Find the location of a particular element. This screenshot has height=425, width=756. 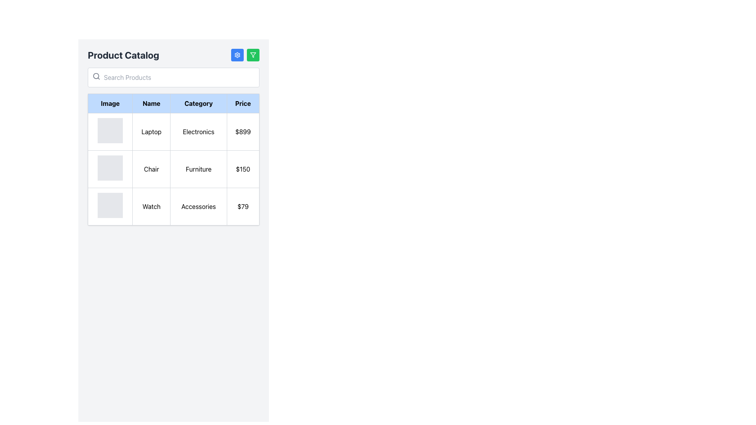

the table cell displaying 'Electronics' which is styled as a rectangular box on a white background, located under the 'Category' column and aligning with the 'Laptop' row is located at coordinates (198, 131).